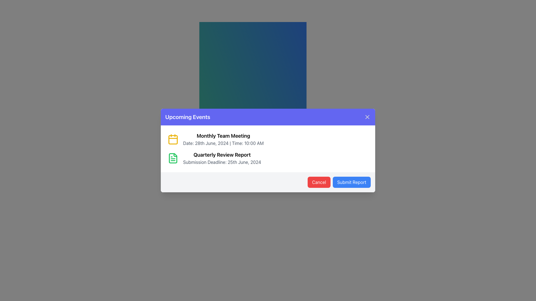 This screenshot has height=301, width=536. What do you see at coordinates (223, 139) in the screenshot?
I see `event details displayed in the modal dialog below the title 'Upcoming Events', adjacent to the yellow calendar icon` at bounding box center [223, 139].